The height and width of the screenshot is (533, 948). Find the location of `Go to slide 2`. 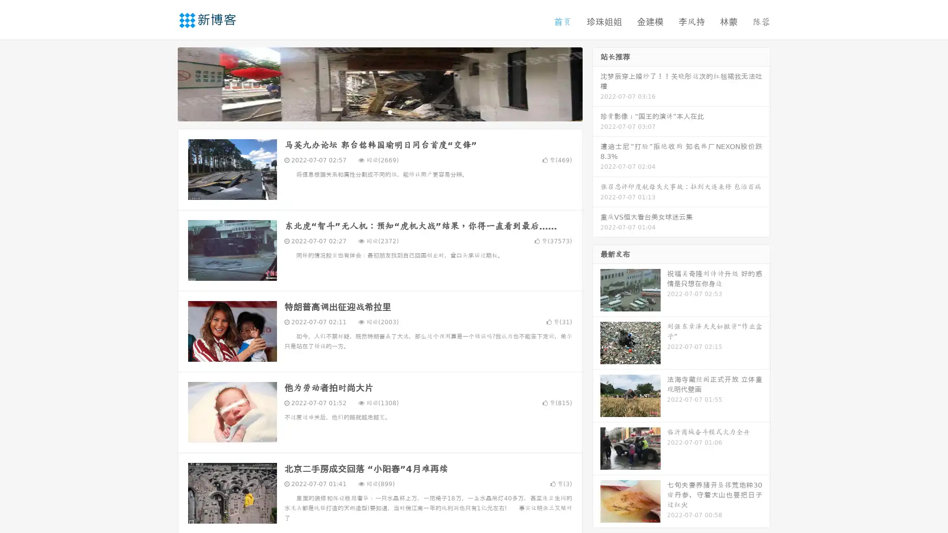

Go to slide 2 is located at coordinates (379, 111).